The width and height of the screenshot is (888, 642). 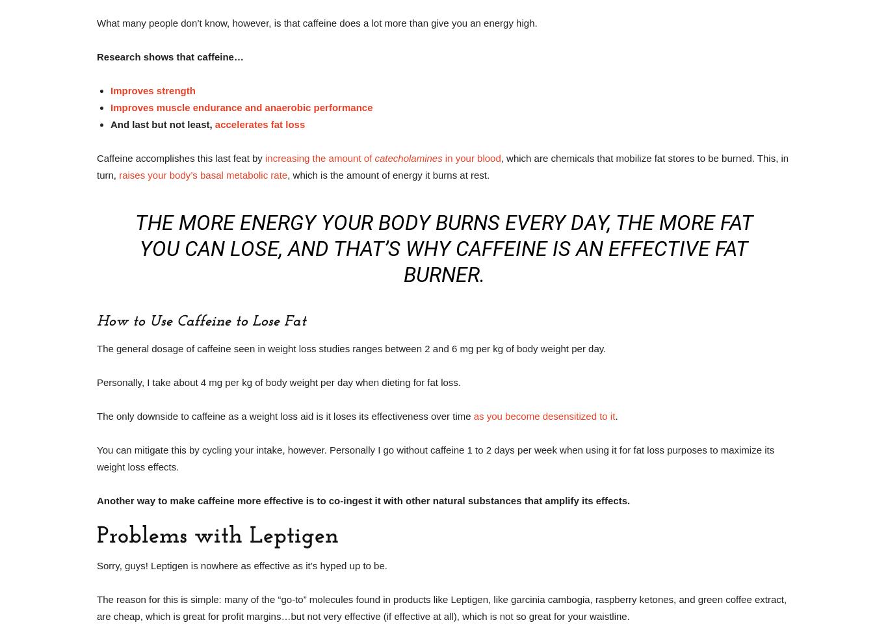 What do you see at coordinates (320, 158) in the screenshot?
I see `'increasing the amount of'` at bounding box center [320, 158].